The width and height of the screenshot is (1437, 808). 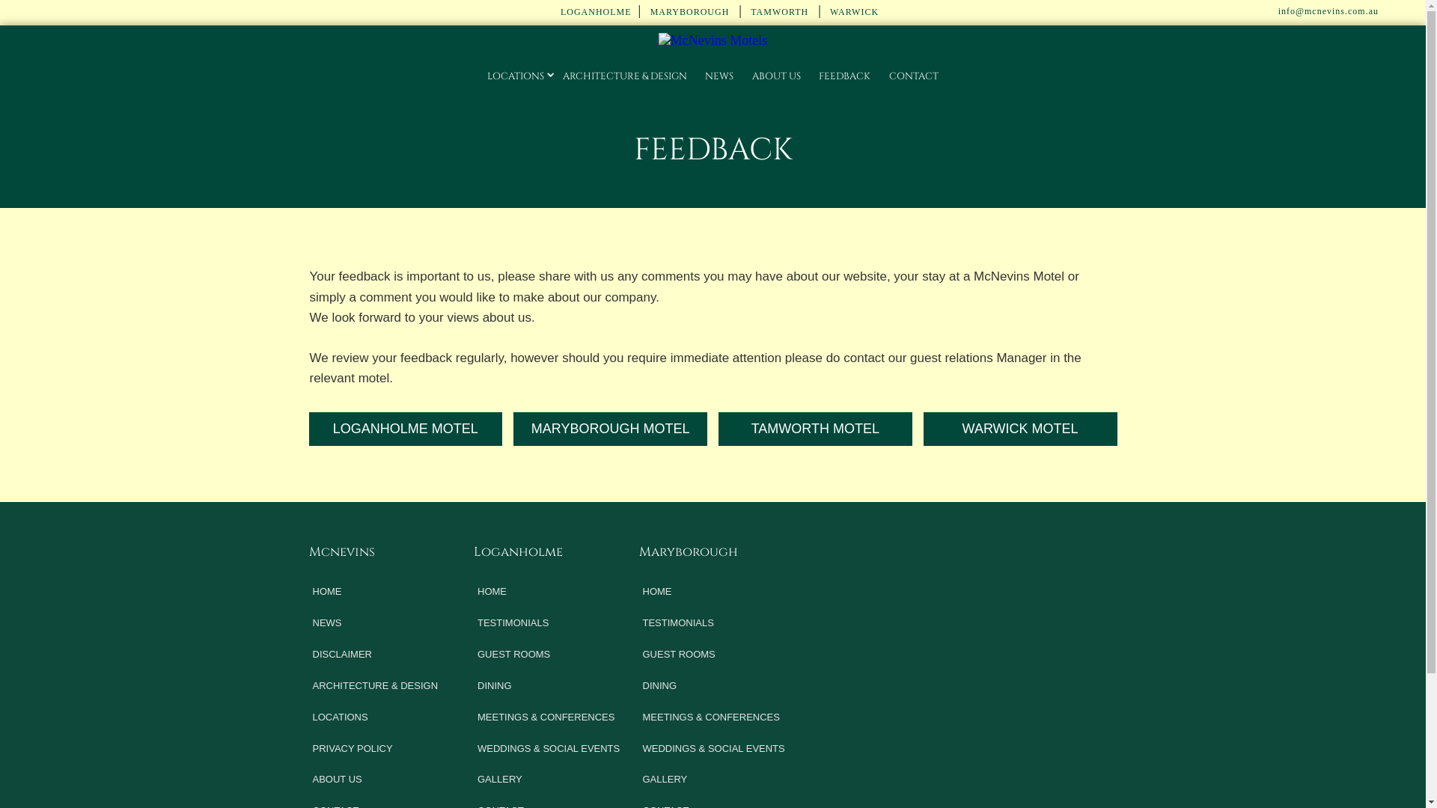 What do you see at coordinates (555, 654) in the screenshot?
I see `'GUEST ROOMS'` at bounding box center [555, 654].